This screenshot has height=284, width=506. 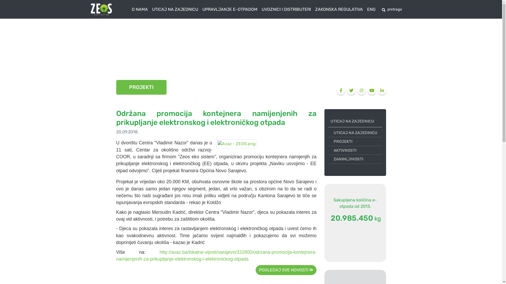 I want to click on 'ZAKONSKA REGULATIVA', so click(x=339, y=9).